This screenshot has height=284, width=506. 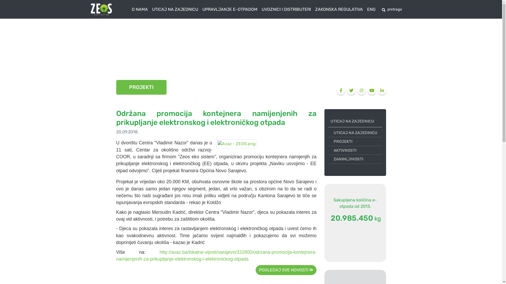 I want to click on 'ZAKONSKA REGULATIVA', so click(x=339, y=9).